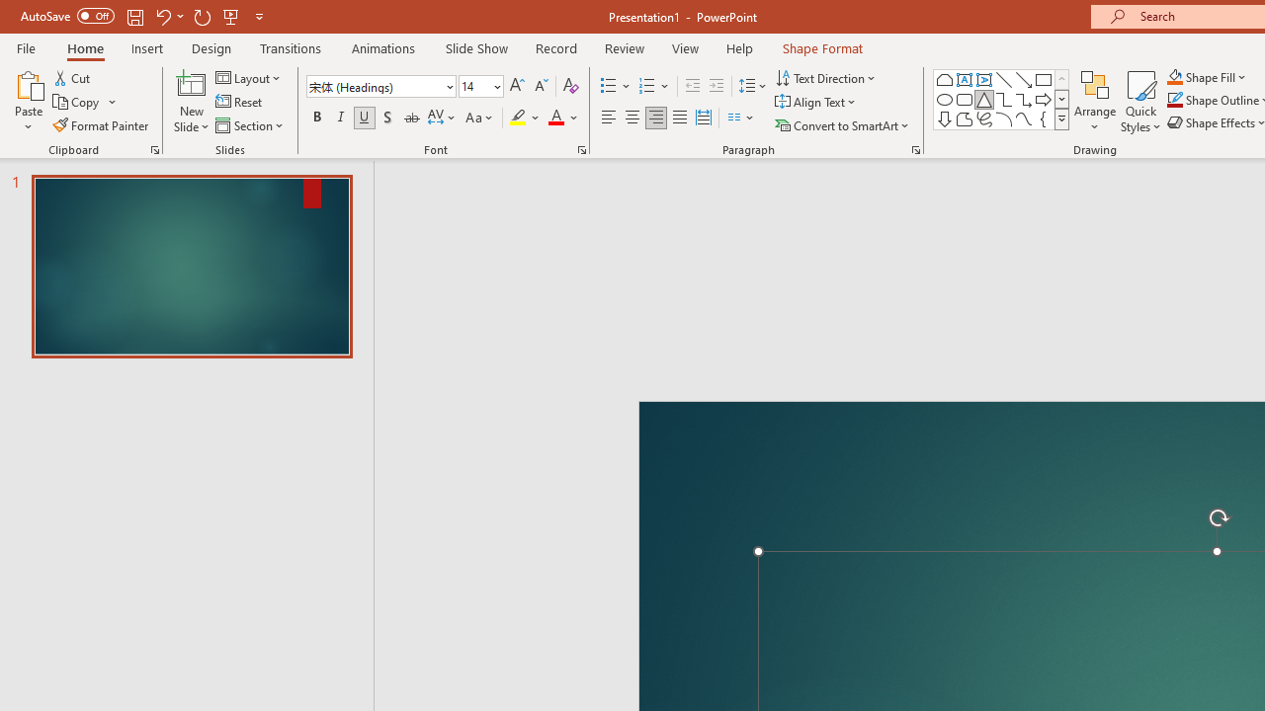 This screenshot has height=711, width=1265. What do you see at coordinates (944, 79) in the screenshot?
I see `'Rectangle: Top Corners Snipped'` at bounding box center [944, 79].